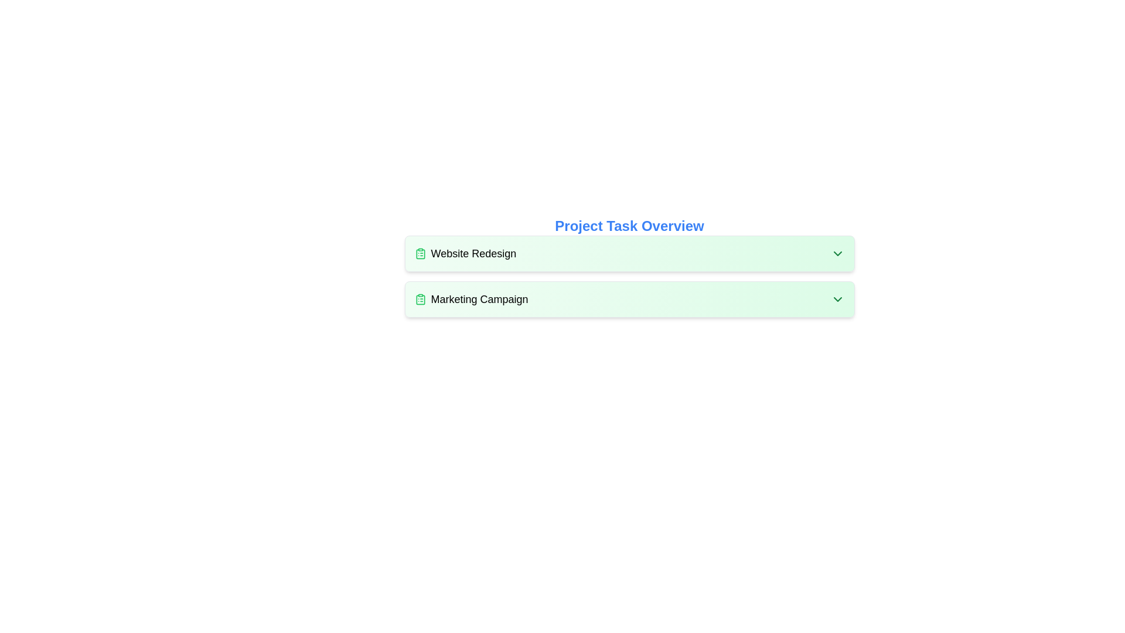  What do you see at coordinates (465, 253) in the screenshot?
I see `the 'Website Redesign' text label` at bounding box center [465, 253].